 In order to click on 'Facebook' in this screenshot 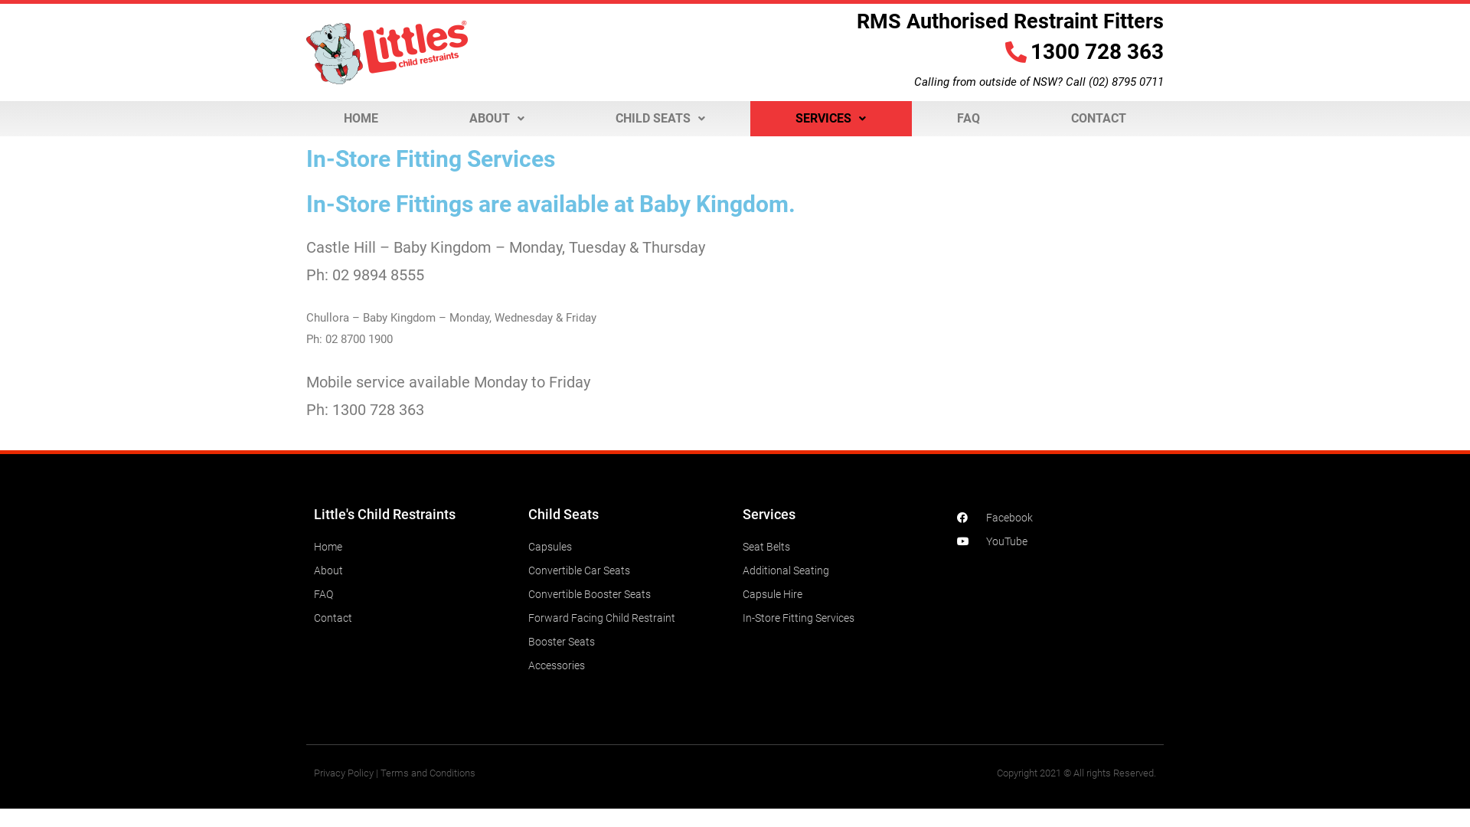, I will do `click(1056, 517)`.